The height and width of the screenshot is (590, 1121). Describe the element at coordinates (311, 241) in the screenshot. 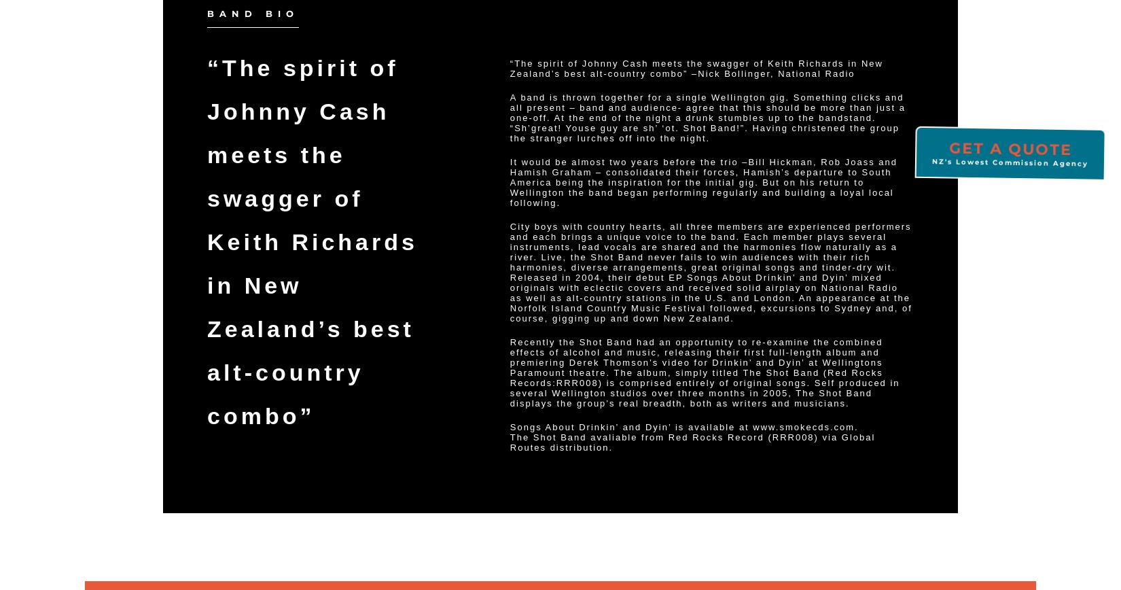

I see `'“The spirit of Johnny Cash meets the swagger of Keith Richards in New Zealand’s best alt-country combo”'` at that location.